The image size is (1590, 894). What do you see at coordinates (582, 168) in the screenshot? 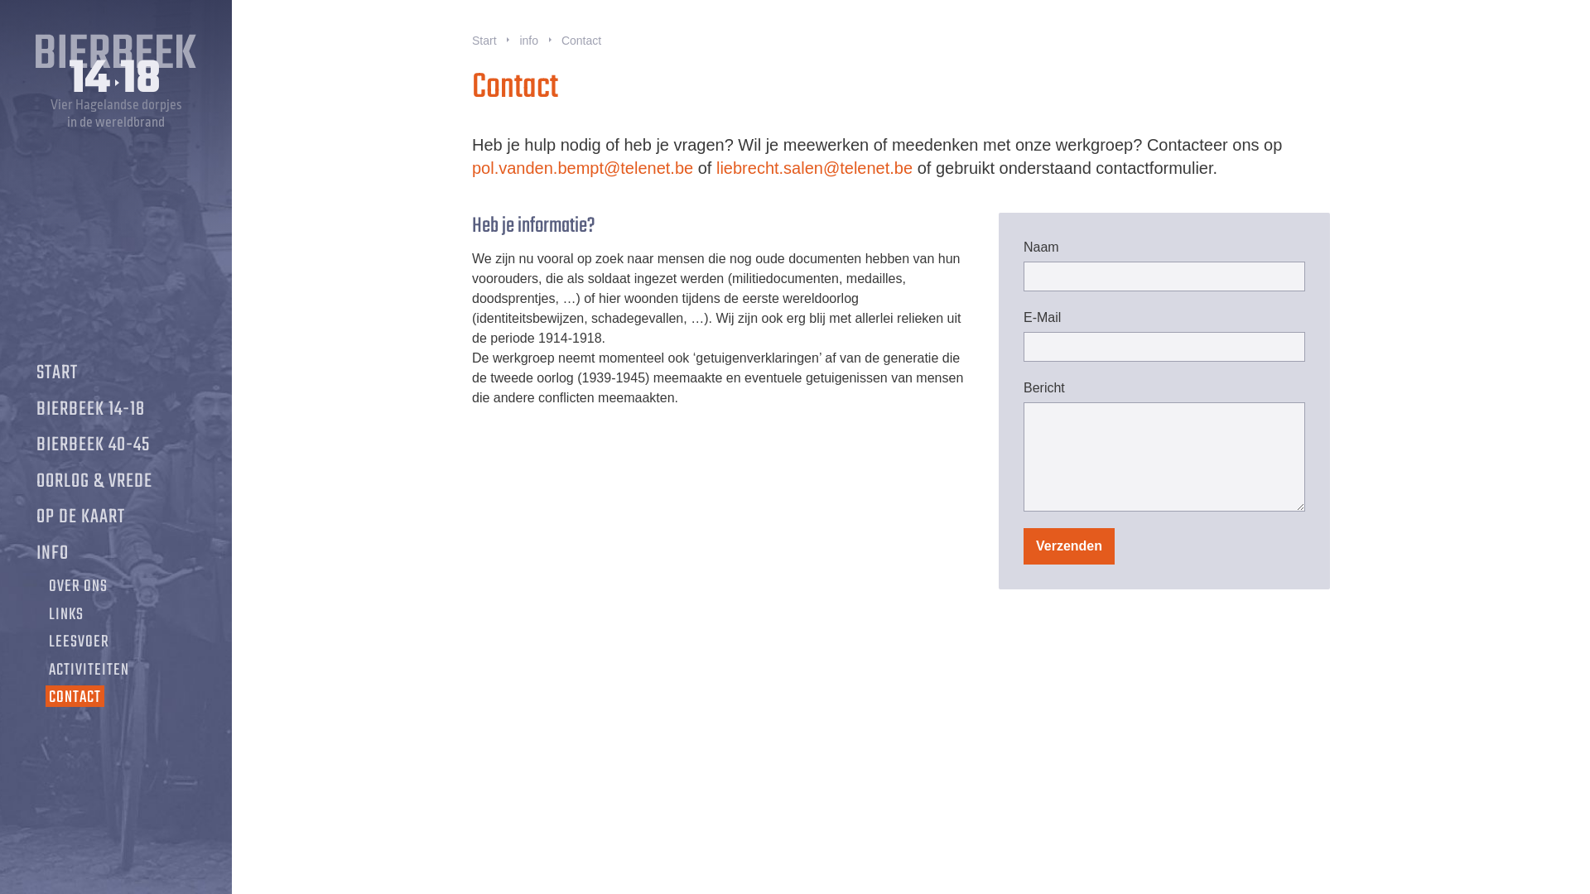
I see `'pol.vanden.bempt@telenet.be'` at bounding box center [582, 168].